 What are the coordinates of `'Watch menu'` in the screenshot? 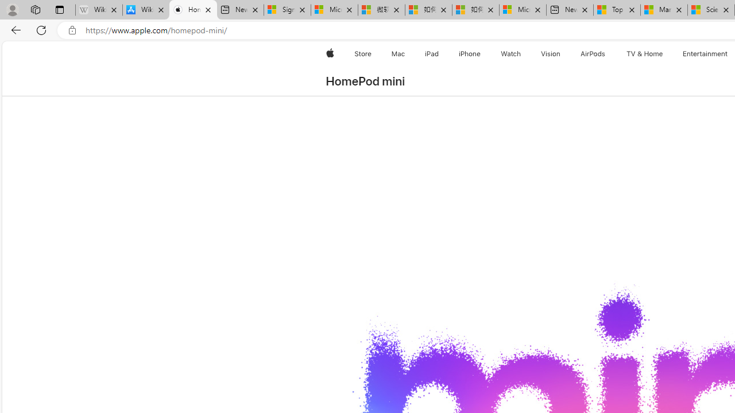 It's located at (523, 53).